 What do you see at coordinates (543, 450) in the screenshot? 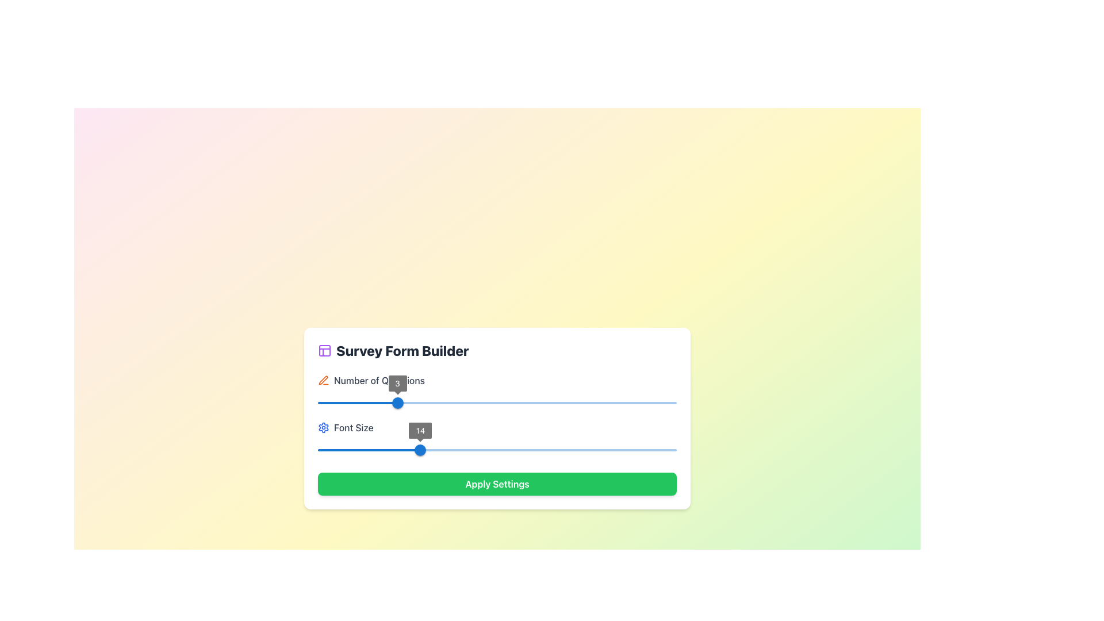
I see `the slider value` at bounding box center [543, 450].